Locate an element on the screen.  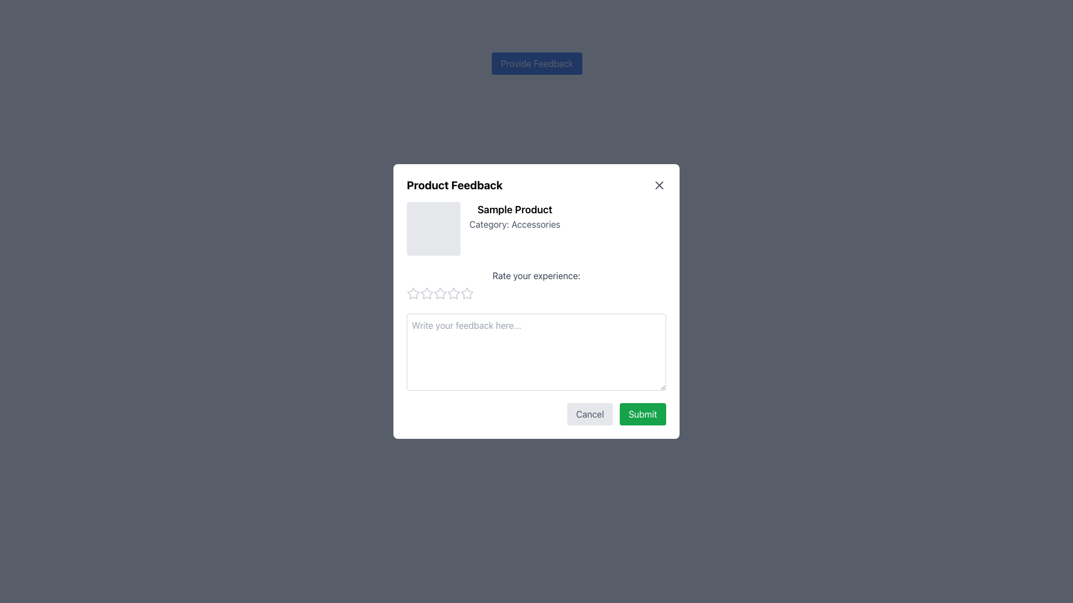
the 'Cancel' button, which is a rectangular button with a light gray background and dark gray text, located to the left of the 'Submit' button in the bottom-right of the modal is located at coordinates (589, 414).